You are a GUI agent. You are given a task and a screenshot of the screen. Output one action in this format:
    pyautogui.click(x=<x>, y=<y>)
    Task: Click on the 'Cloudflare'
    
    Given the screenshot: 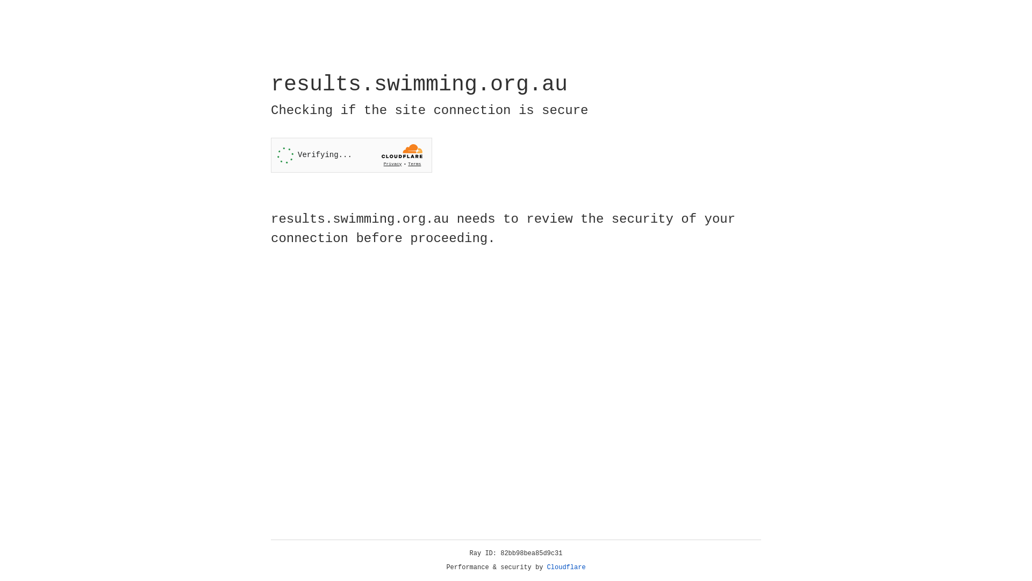 What is the action you would take?
    pyautogui.click(x=566, y=567)
    